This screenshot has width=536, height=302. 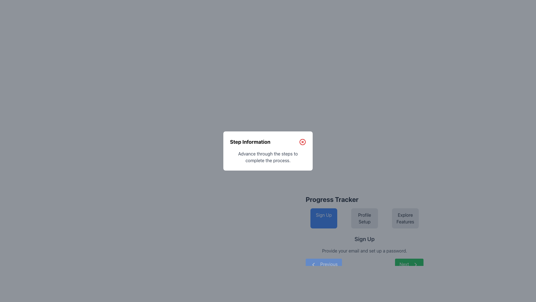 I want to click on the Close button located in the top-right corner of the 'Step Information' notification box, so click(x=302, y=142).